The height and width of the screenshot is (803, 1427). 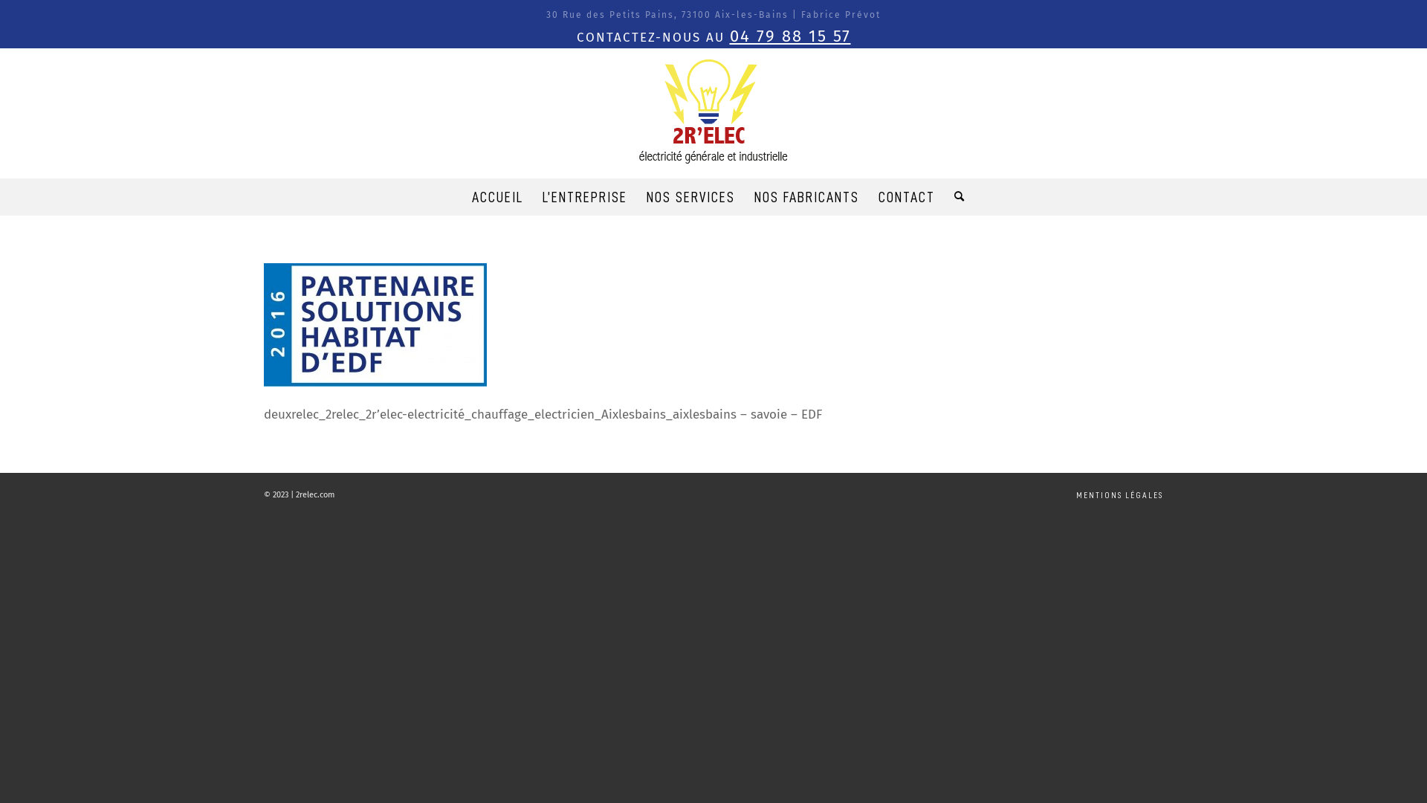 What do you see at coordinates (635, 196) in the screenshot?
I see `'NOS SERVICES'` at bounding box center [635, 196].